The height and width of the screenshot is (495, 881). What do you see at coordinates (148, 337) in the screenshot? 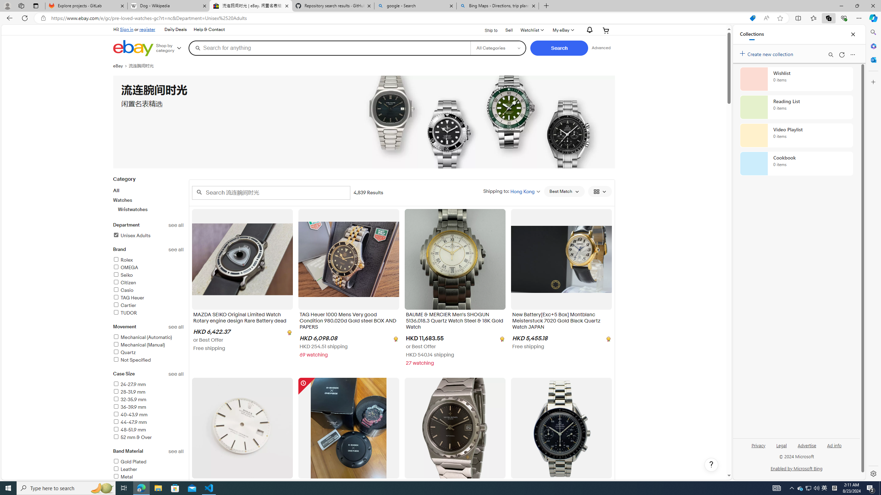
I see `'Mechanical (Automatic)'` at bounding box center [148, 337].